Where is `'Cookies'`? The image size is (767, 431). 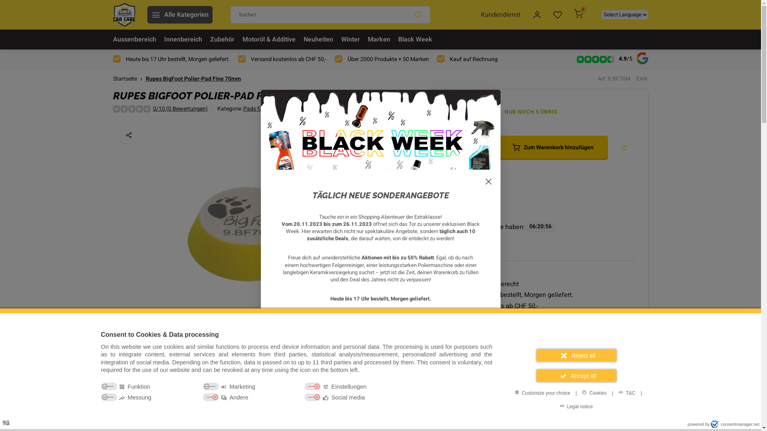
'Cookies' is located at coordinates (594, 392).